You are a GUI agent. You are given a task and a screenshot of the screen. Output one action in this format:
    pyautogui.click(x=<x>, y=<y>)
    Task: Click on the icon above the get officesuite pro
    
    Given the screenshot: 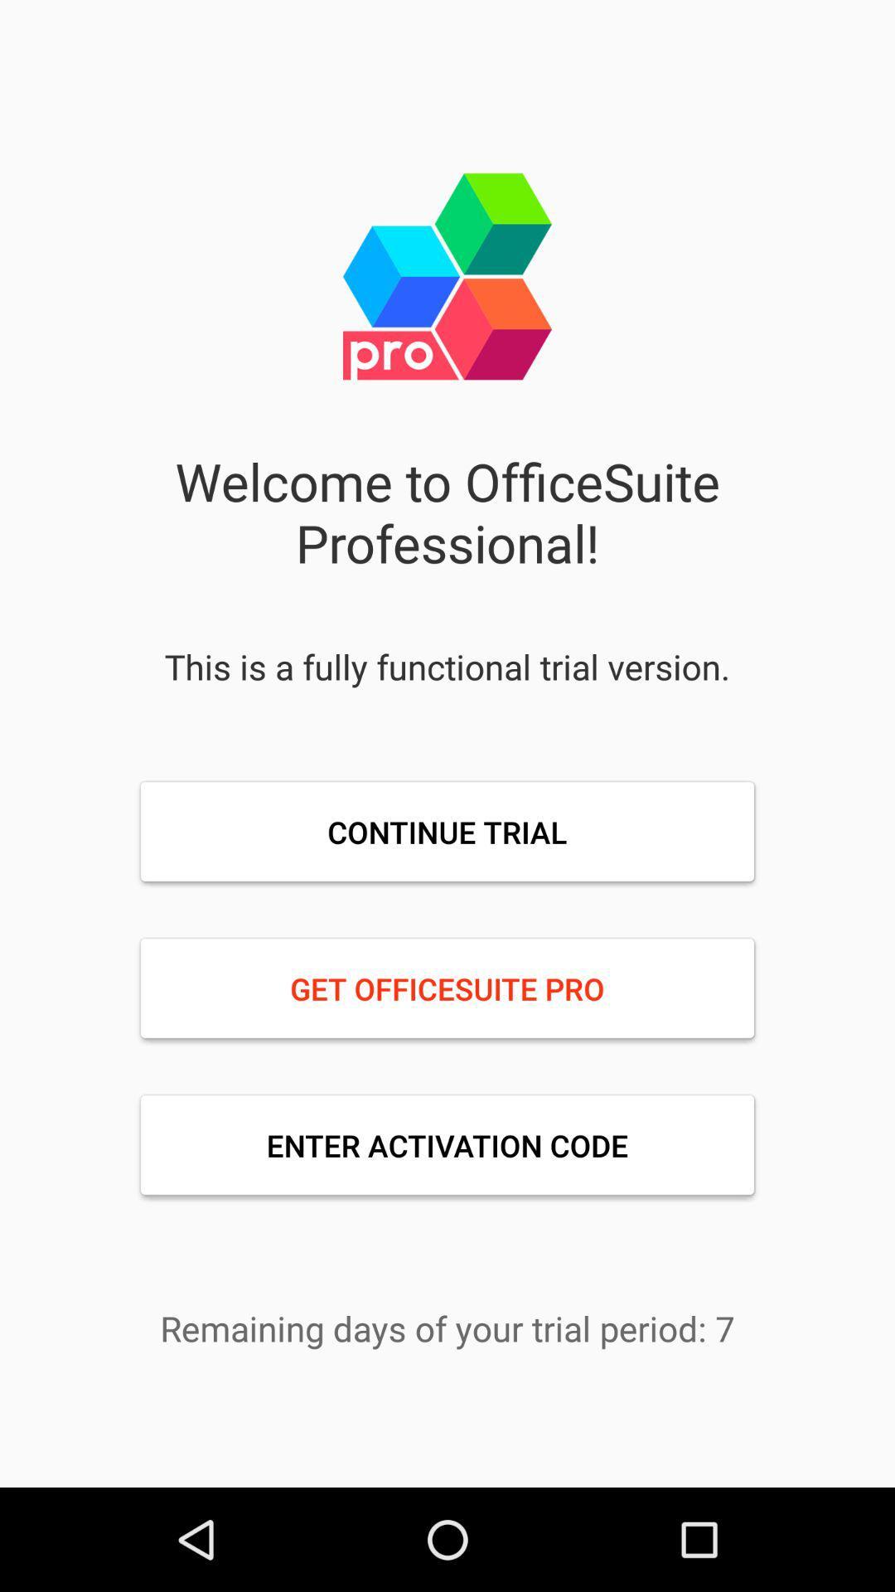 What is the action you would take?
    pyautogui.click(x=447, y=832)
    